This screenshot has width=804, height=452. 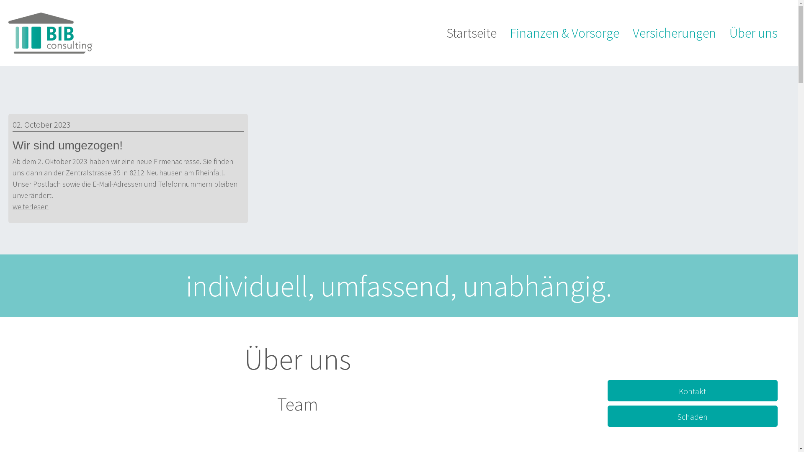 I want to click on 'Kontakt', so click(x=692, y=390).